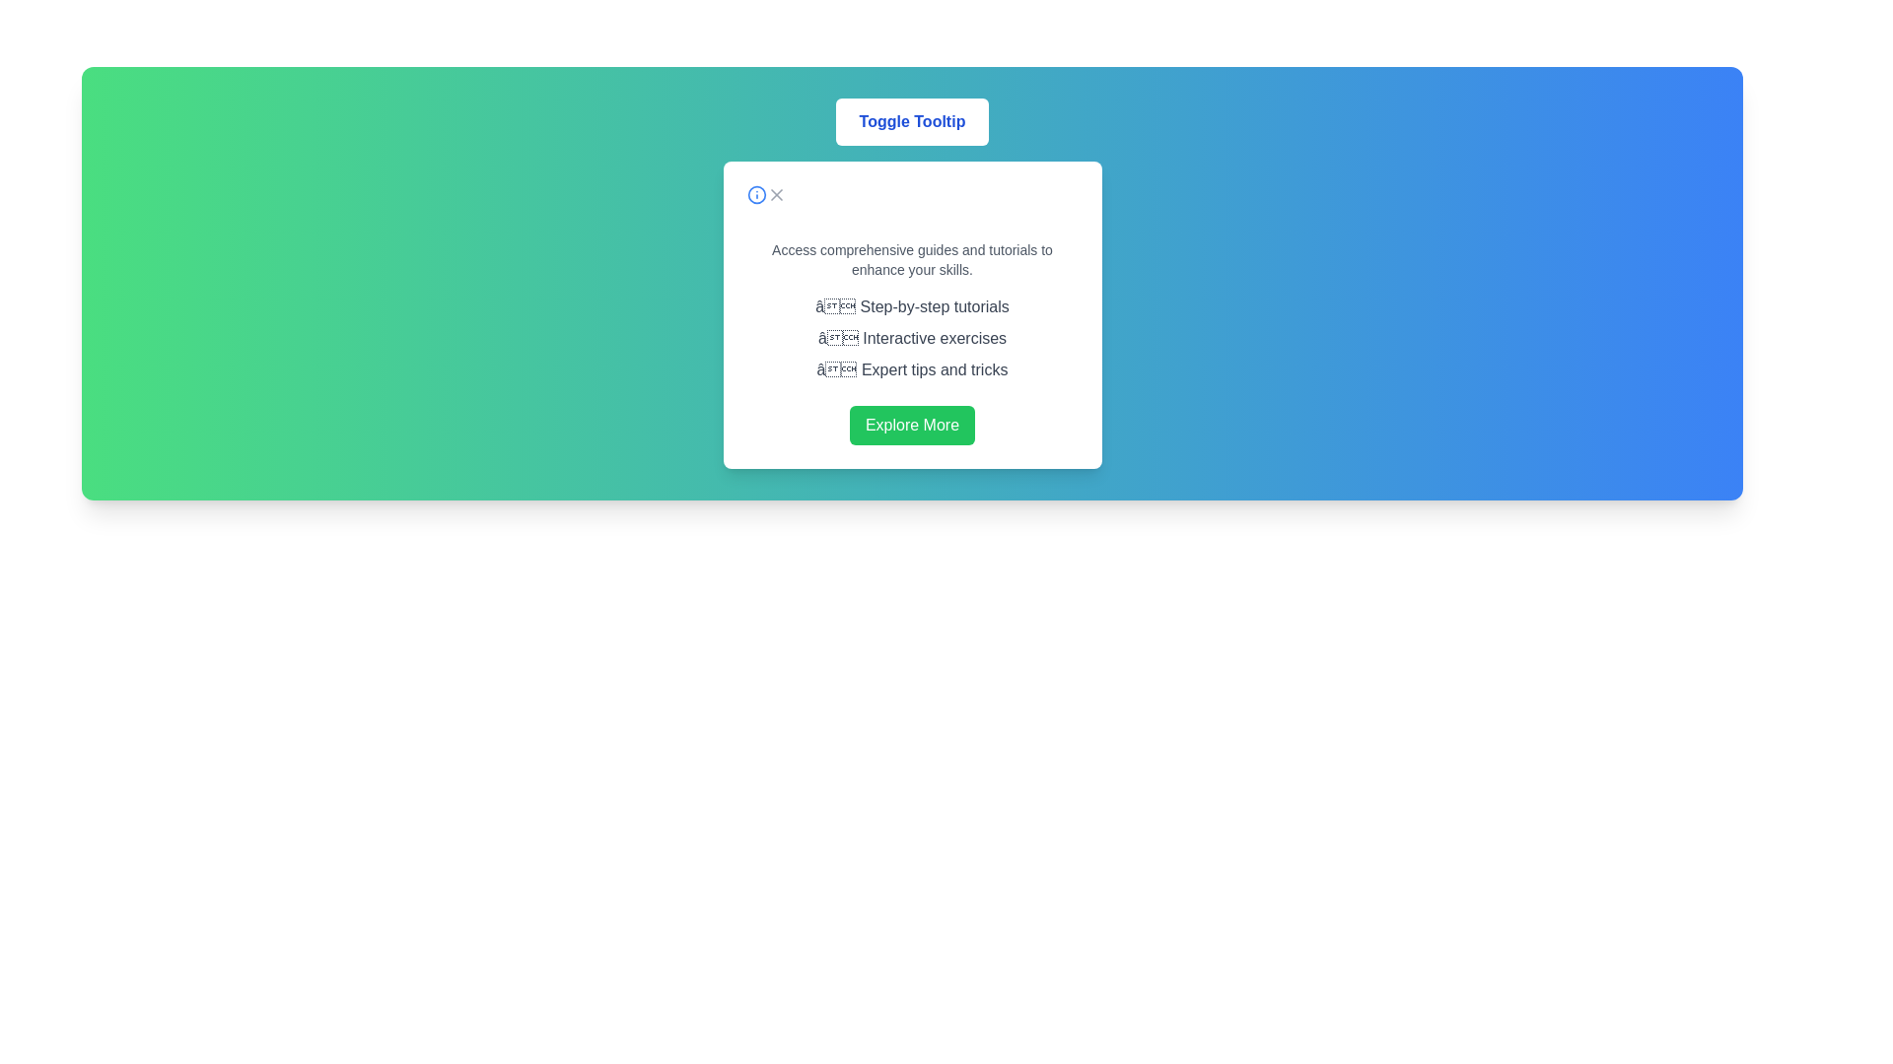 The image size is (1893, 1064). Describe the element at coordinates (775, 194) in the screenshot. I see `the 'Close' button located at the top-right corner of the white card interface to observe a color change` at that location.